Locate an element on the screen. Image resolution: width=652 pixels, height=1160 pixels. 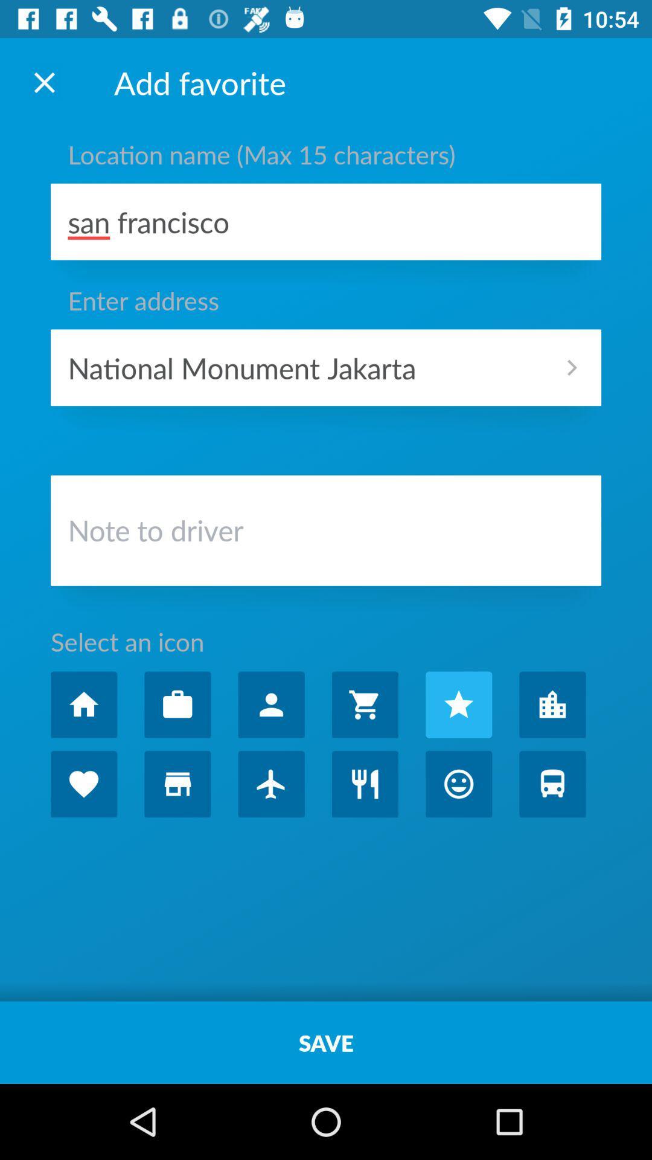
icon is located at coordinates (459, 704).